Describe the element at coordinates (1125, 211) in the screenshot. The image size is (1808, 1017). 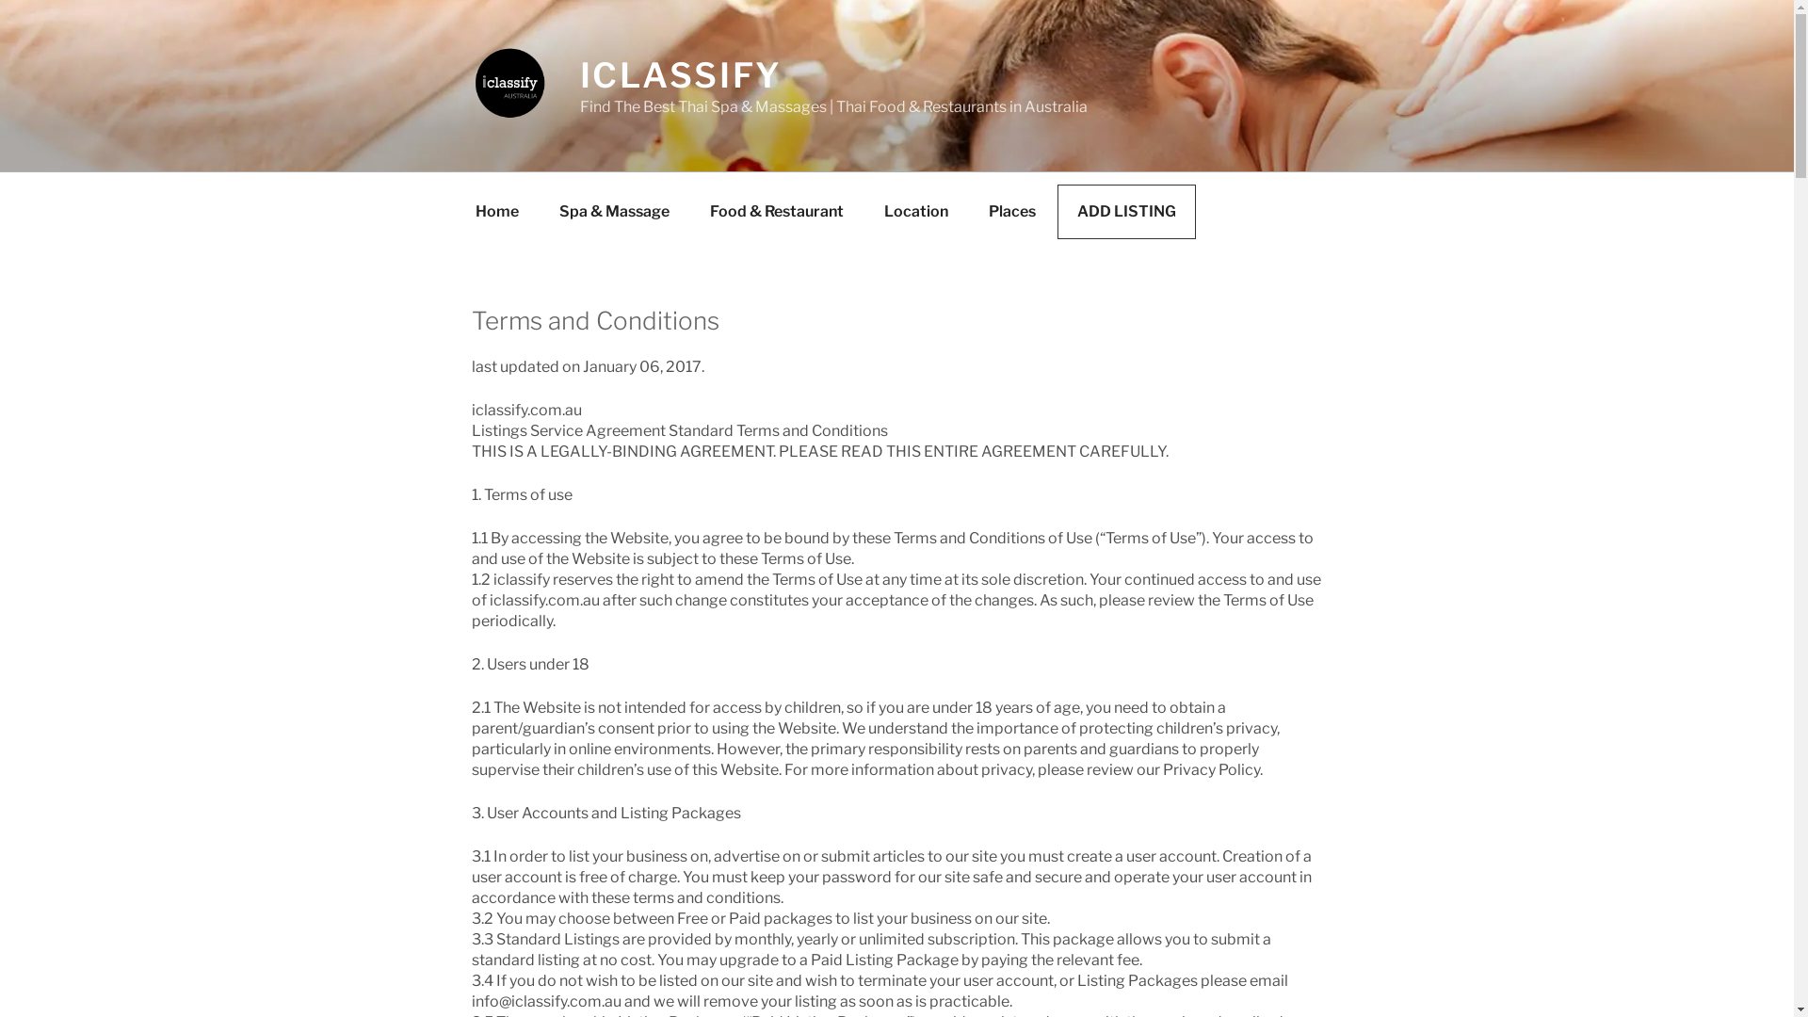
I see `'ADD LISTING'` at that location.